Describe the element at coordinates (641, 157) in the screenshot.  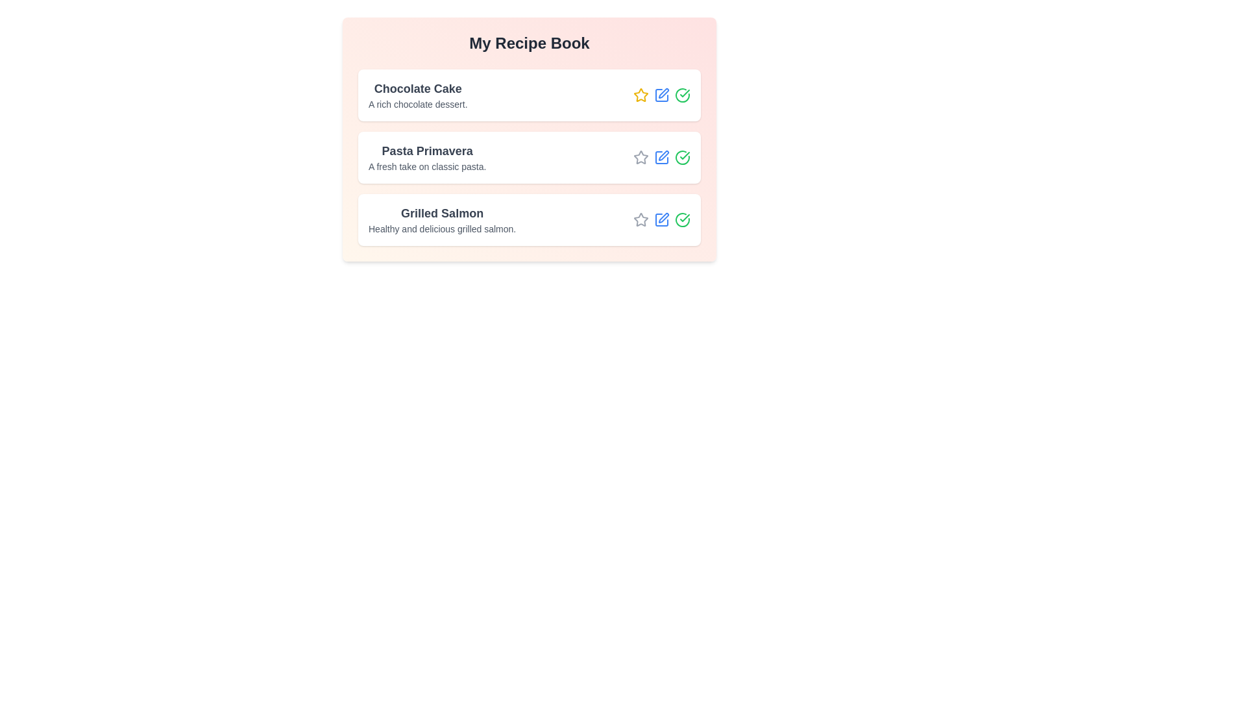
I see `the star icon of the recipe titled 'Pasta Primavera' to toggle its favorite status` at that location.